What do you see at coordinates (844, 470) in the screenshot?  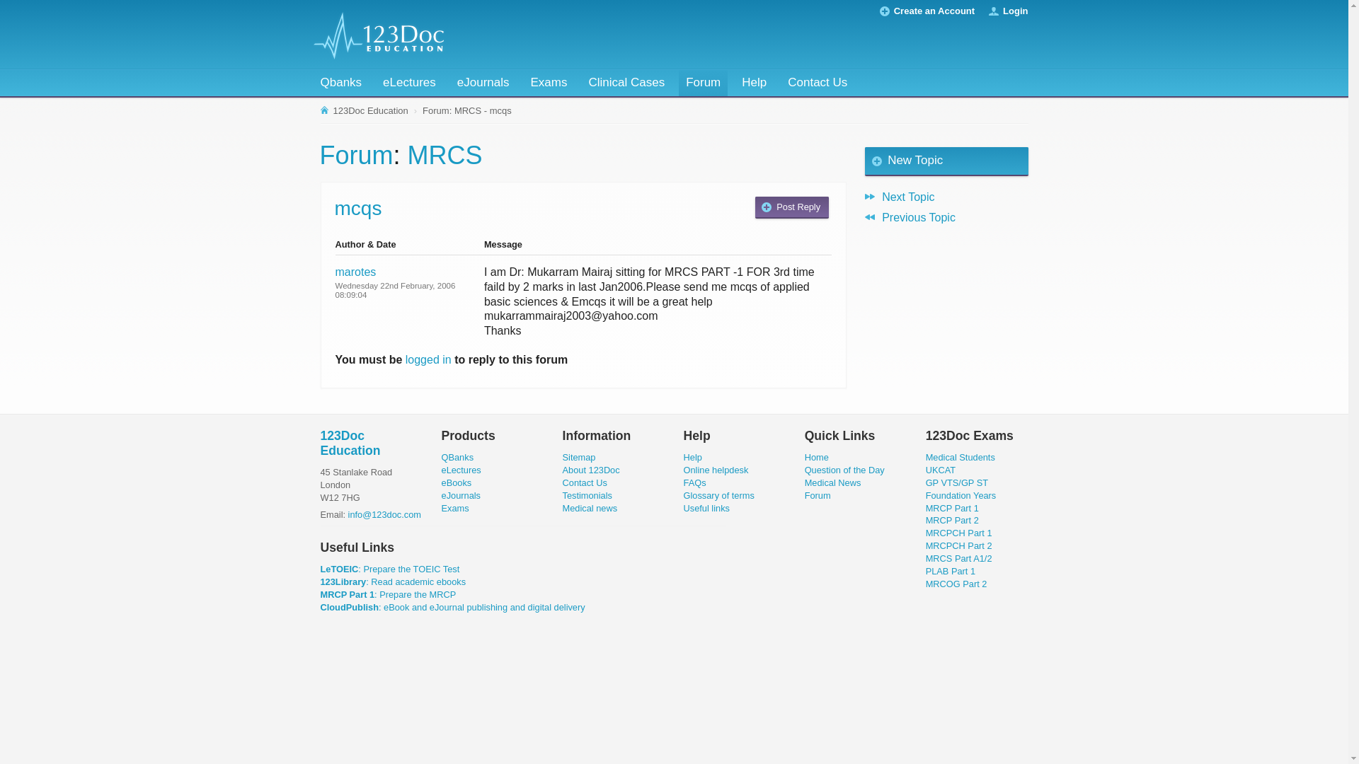 I see `'Question of the Day'` at bounding box center [844, 470].